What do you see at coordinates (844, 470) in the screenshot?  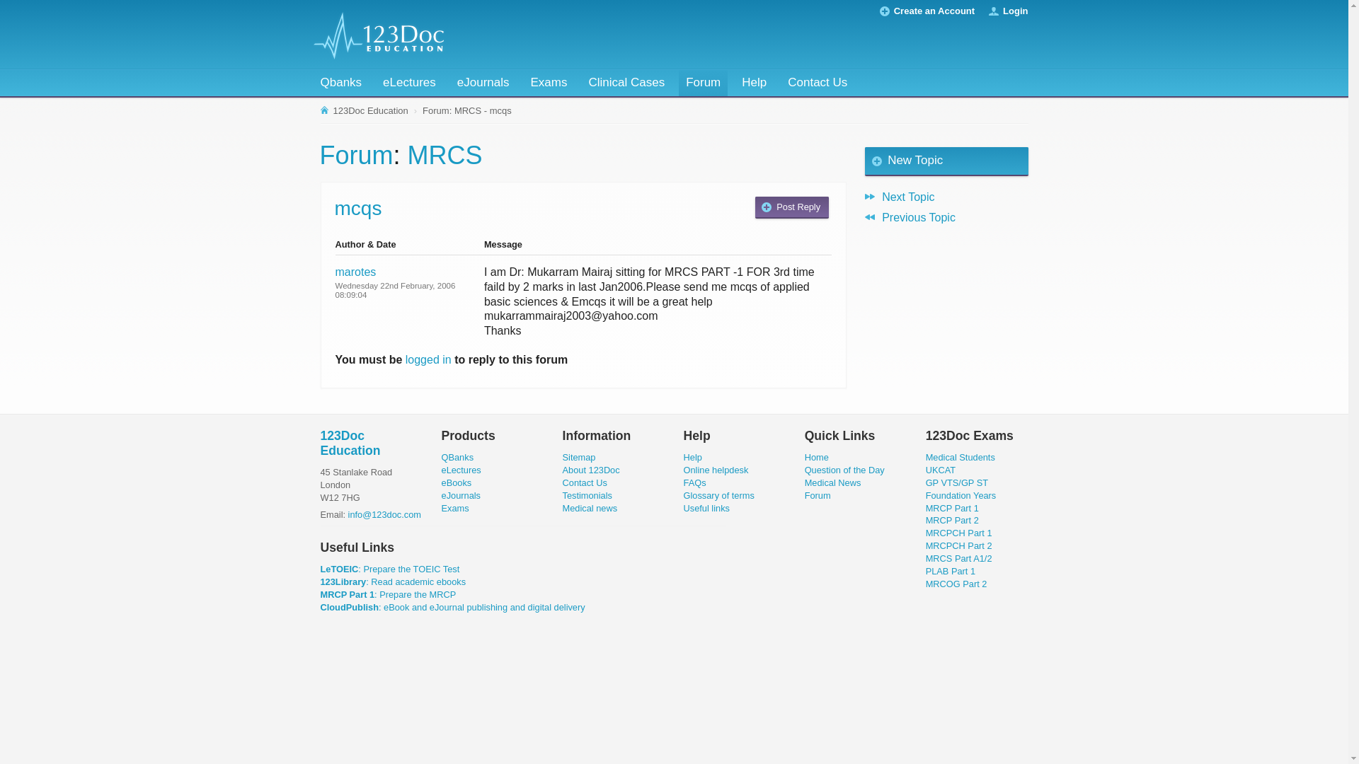 I see `'Question of the Day'` at bounding box center [844, 470].